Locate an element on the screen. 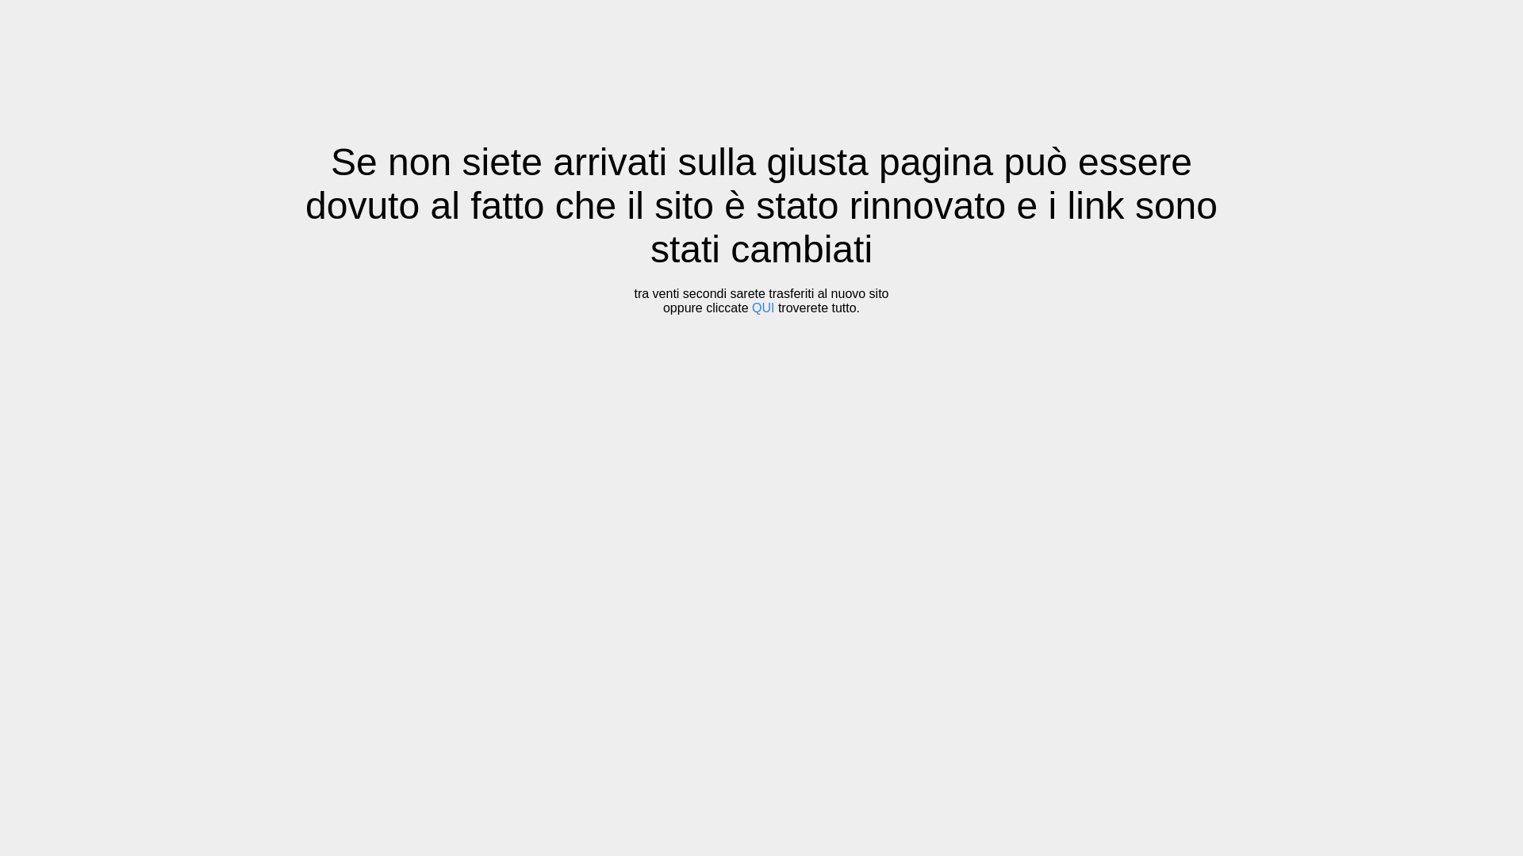  'QUI' is located at coordinates (762, 308).